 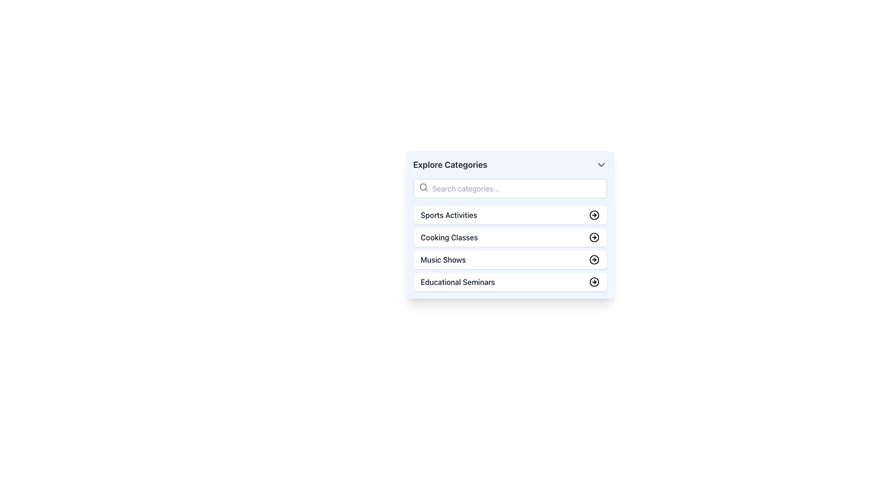 I want to click on the delete button located to the far-right of the 'Educational Seminars' list item, so click(x=593, y=281).